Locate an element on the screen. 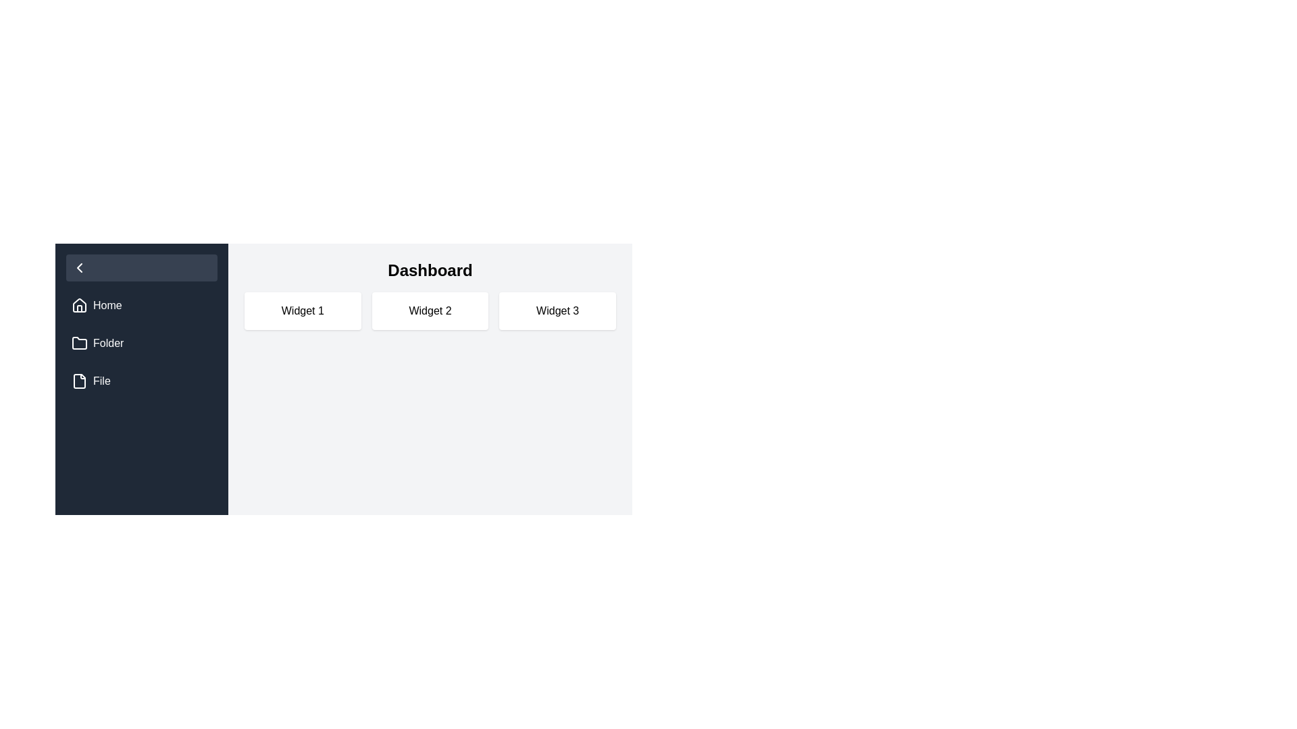 Image resolution: width=1297 pixels, height=729 pixels. the folder icon, which is part of the vertical navigation menu on the left side, located between the 'Home' and 'File' entries and to the left of the 'Folder' text label is located at coordinates (79, 343).